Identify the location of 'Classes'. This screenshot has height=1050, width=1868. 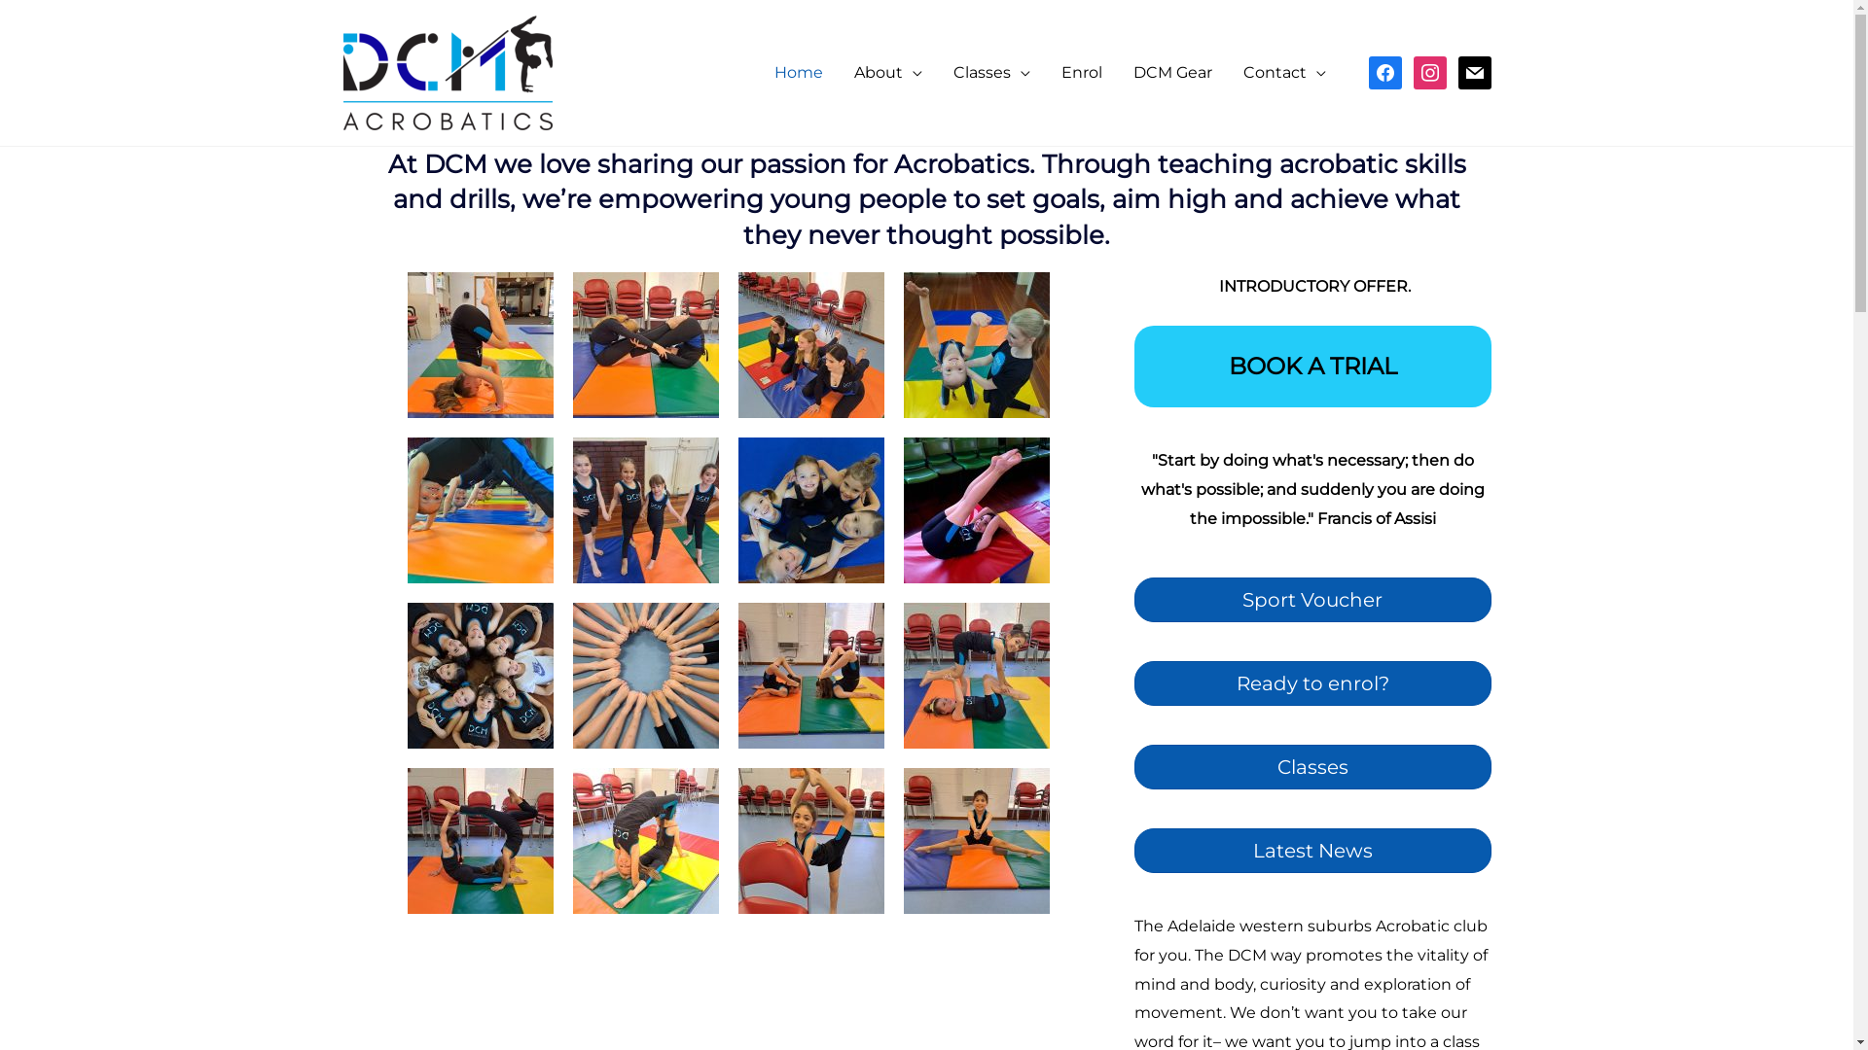
(1312, 766).